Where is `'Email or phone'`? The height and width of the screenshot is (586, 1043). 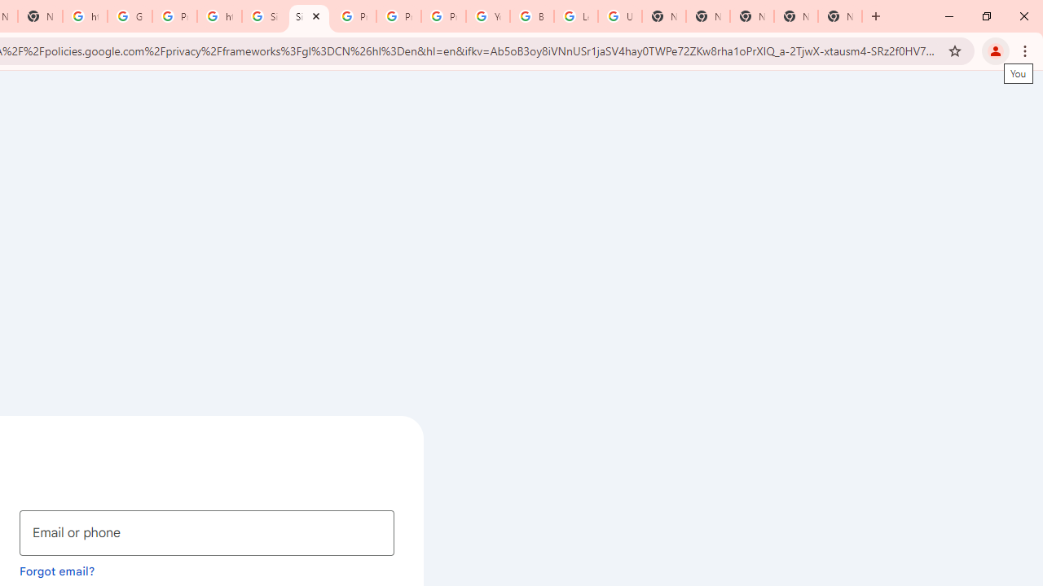
'Email or phone' is located at coordinates (206, 532).